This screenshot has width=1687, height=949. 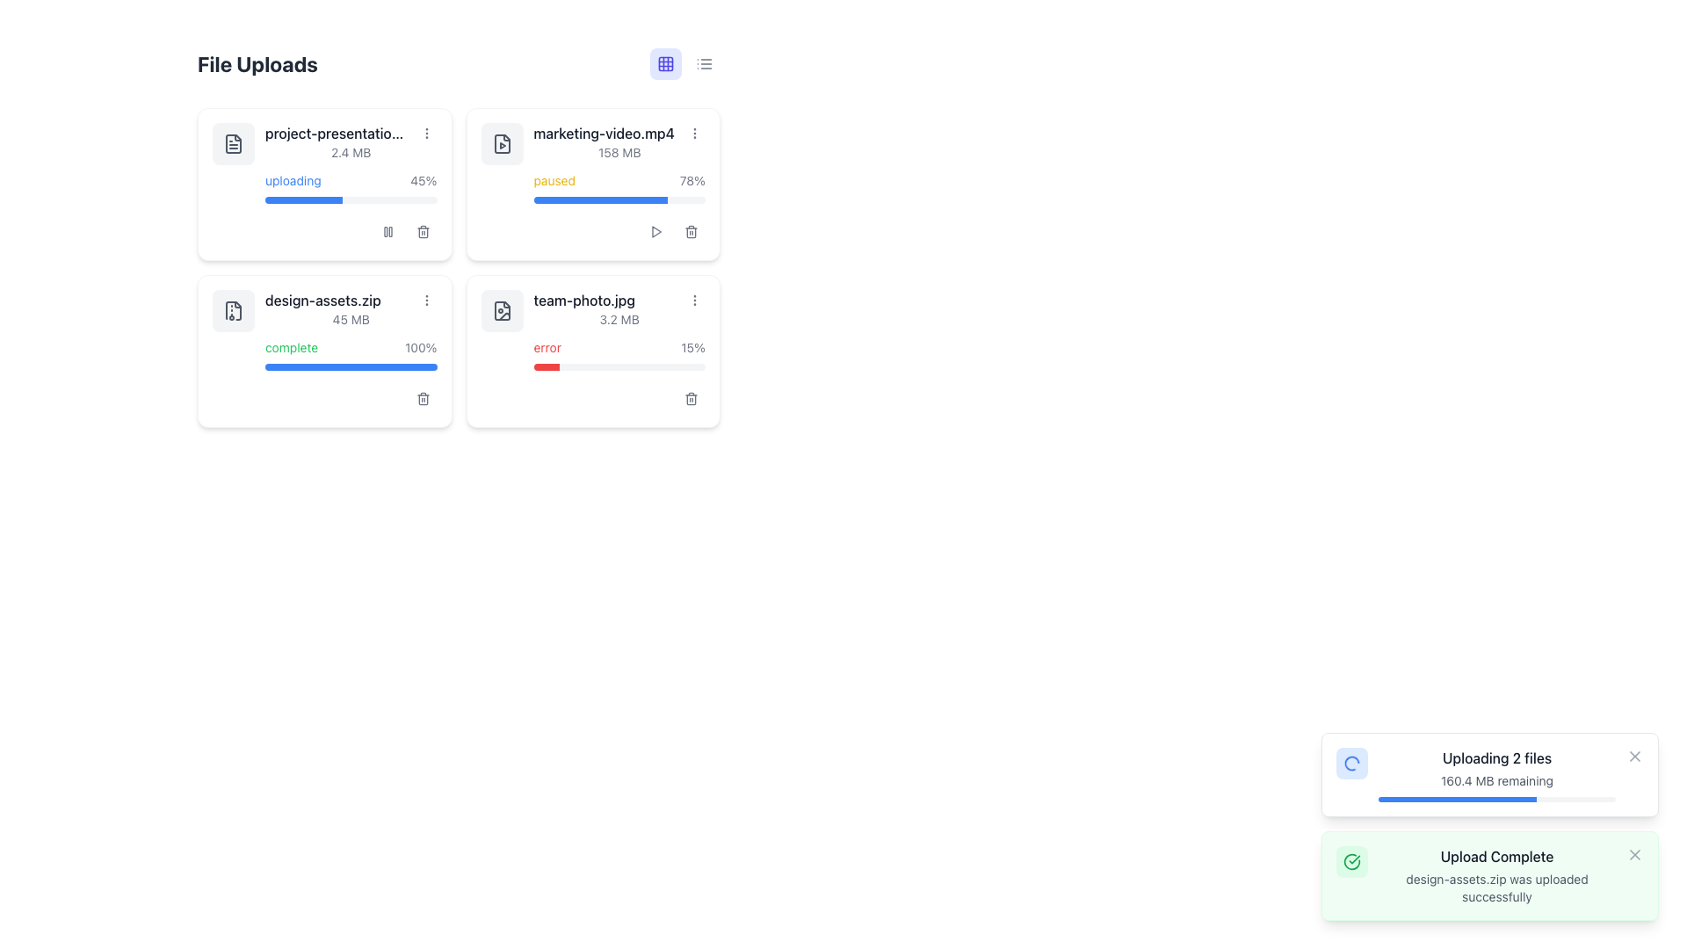 What do you see at coordinates (420, 348) in the screenshot?
I see `the '100%' text label indicating that the file 'design-assets.zip' has been completely uploaded, located in the bottom-left section of the interface next to the green 'complete' text` at bounding box center [420, 348].